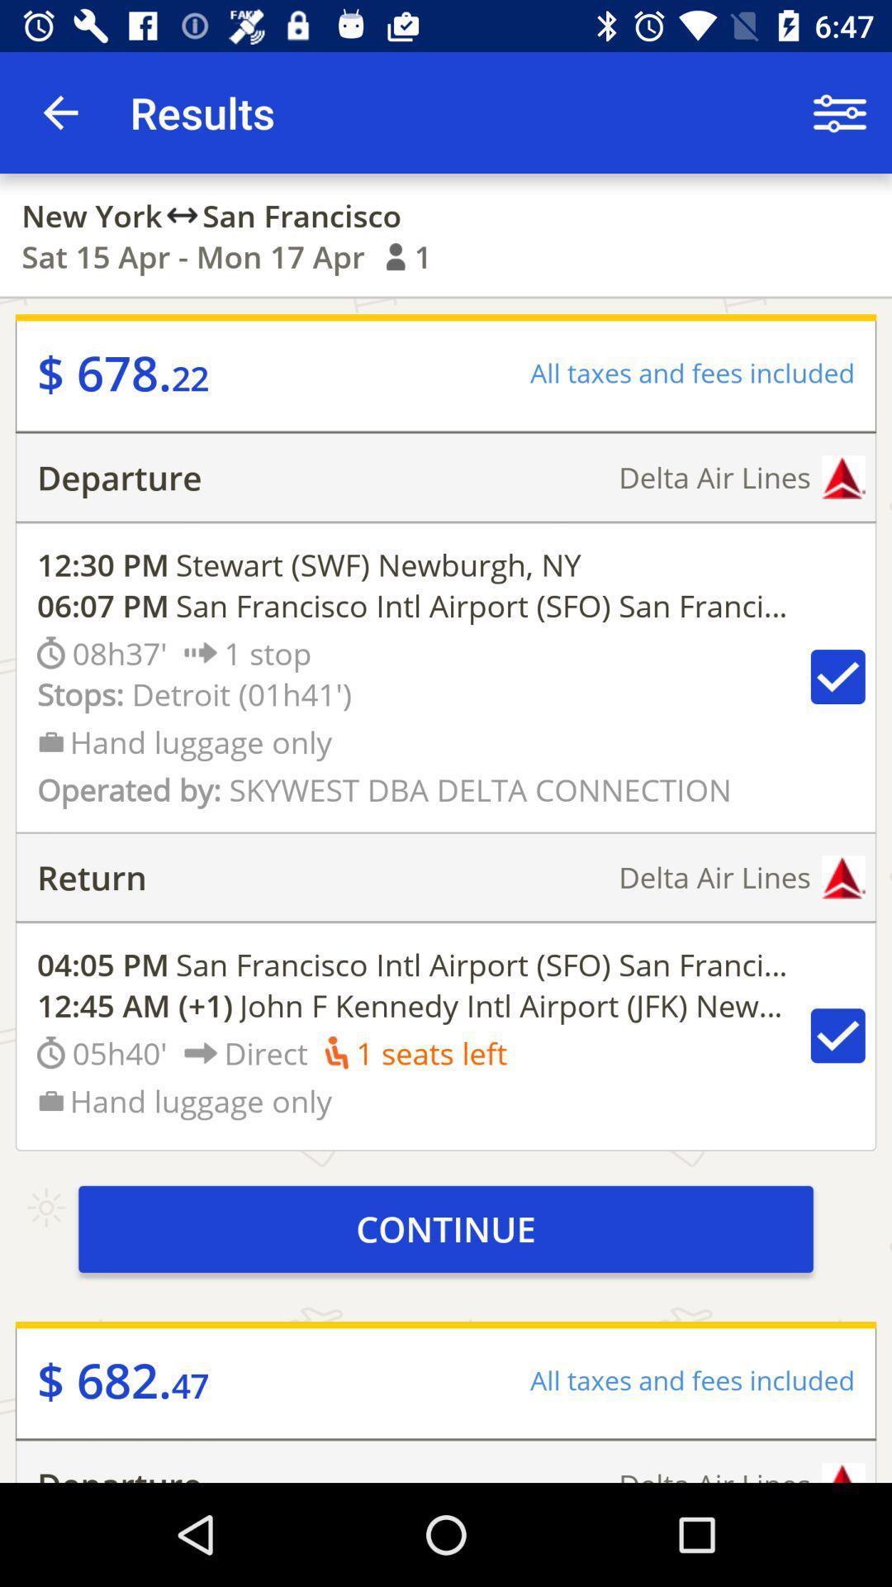 This screenshot has width=892, height=1587. I want to click on the app next to the results item, so click(59, 112).